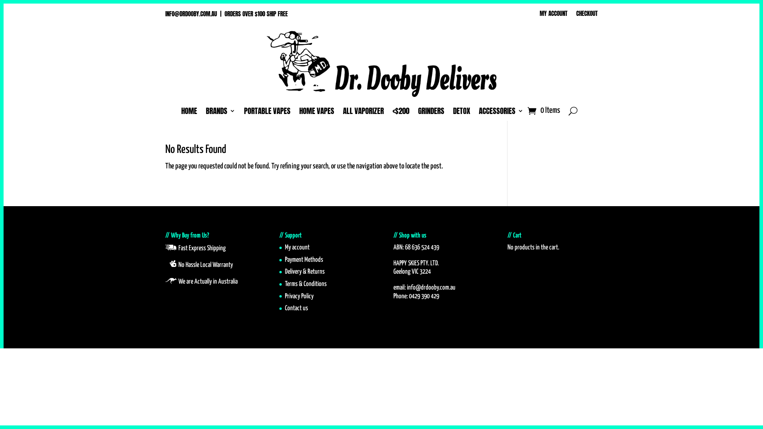 The width and height of the screenshot is (763, 429). Describe the element at coordinates (587, 15) in the screenshot. I see `'CHECKOUT'` at that location.